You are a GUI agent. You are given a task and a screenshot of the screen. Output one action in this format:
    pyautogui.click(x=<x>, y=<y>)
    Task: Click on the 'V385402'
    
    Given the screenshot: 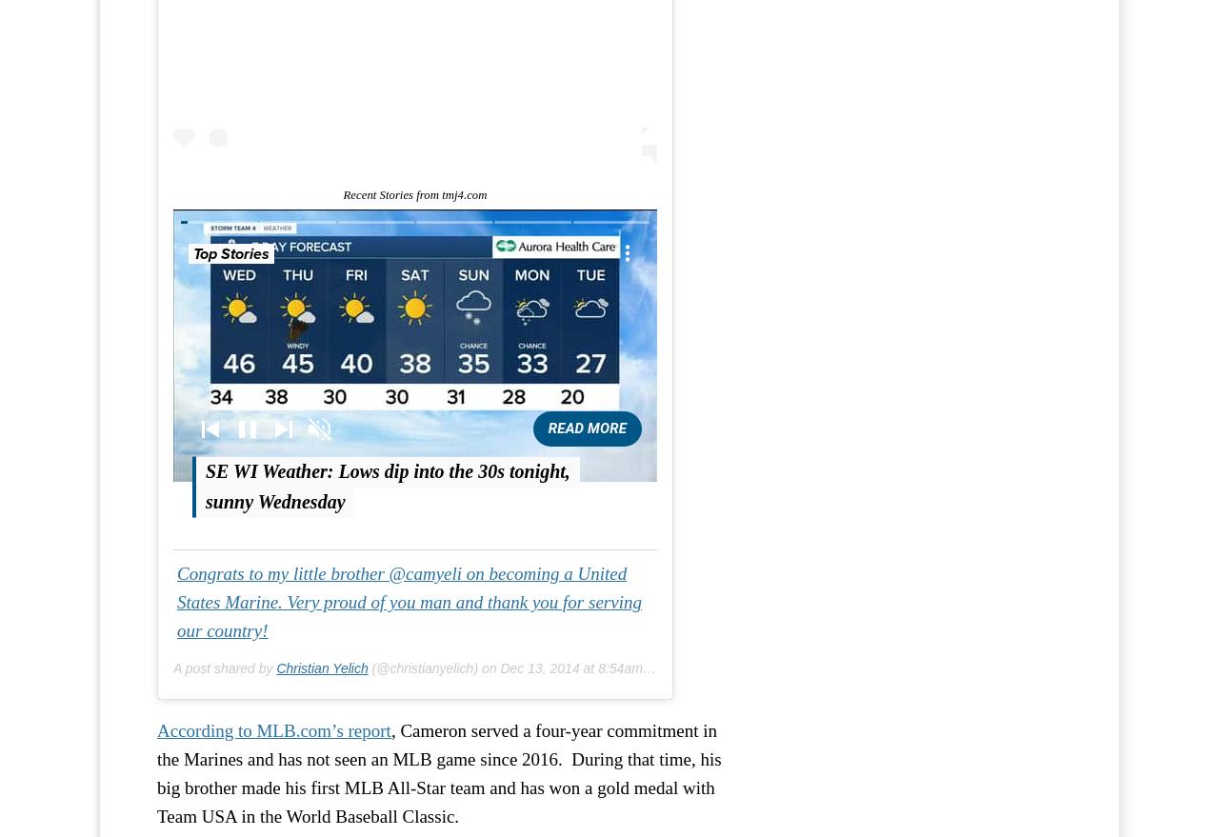 What is the action you would take?
    pyautogui.click(x=459, y=266)
    